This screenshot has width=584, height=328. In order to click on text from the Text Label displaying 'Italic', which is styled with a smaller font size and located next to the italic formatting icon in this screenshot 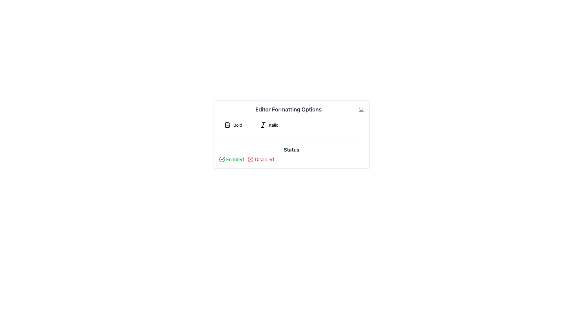, I will do `click(273, 125)`.